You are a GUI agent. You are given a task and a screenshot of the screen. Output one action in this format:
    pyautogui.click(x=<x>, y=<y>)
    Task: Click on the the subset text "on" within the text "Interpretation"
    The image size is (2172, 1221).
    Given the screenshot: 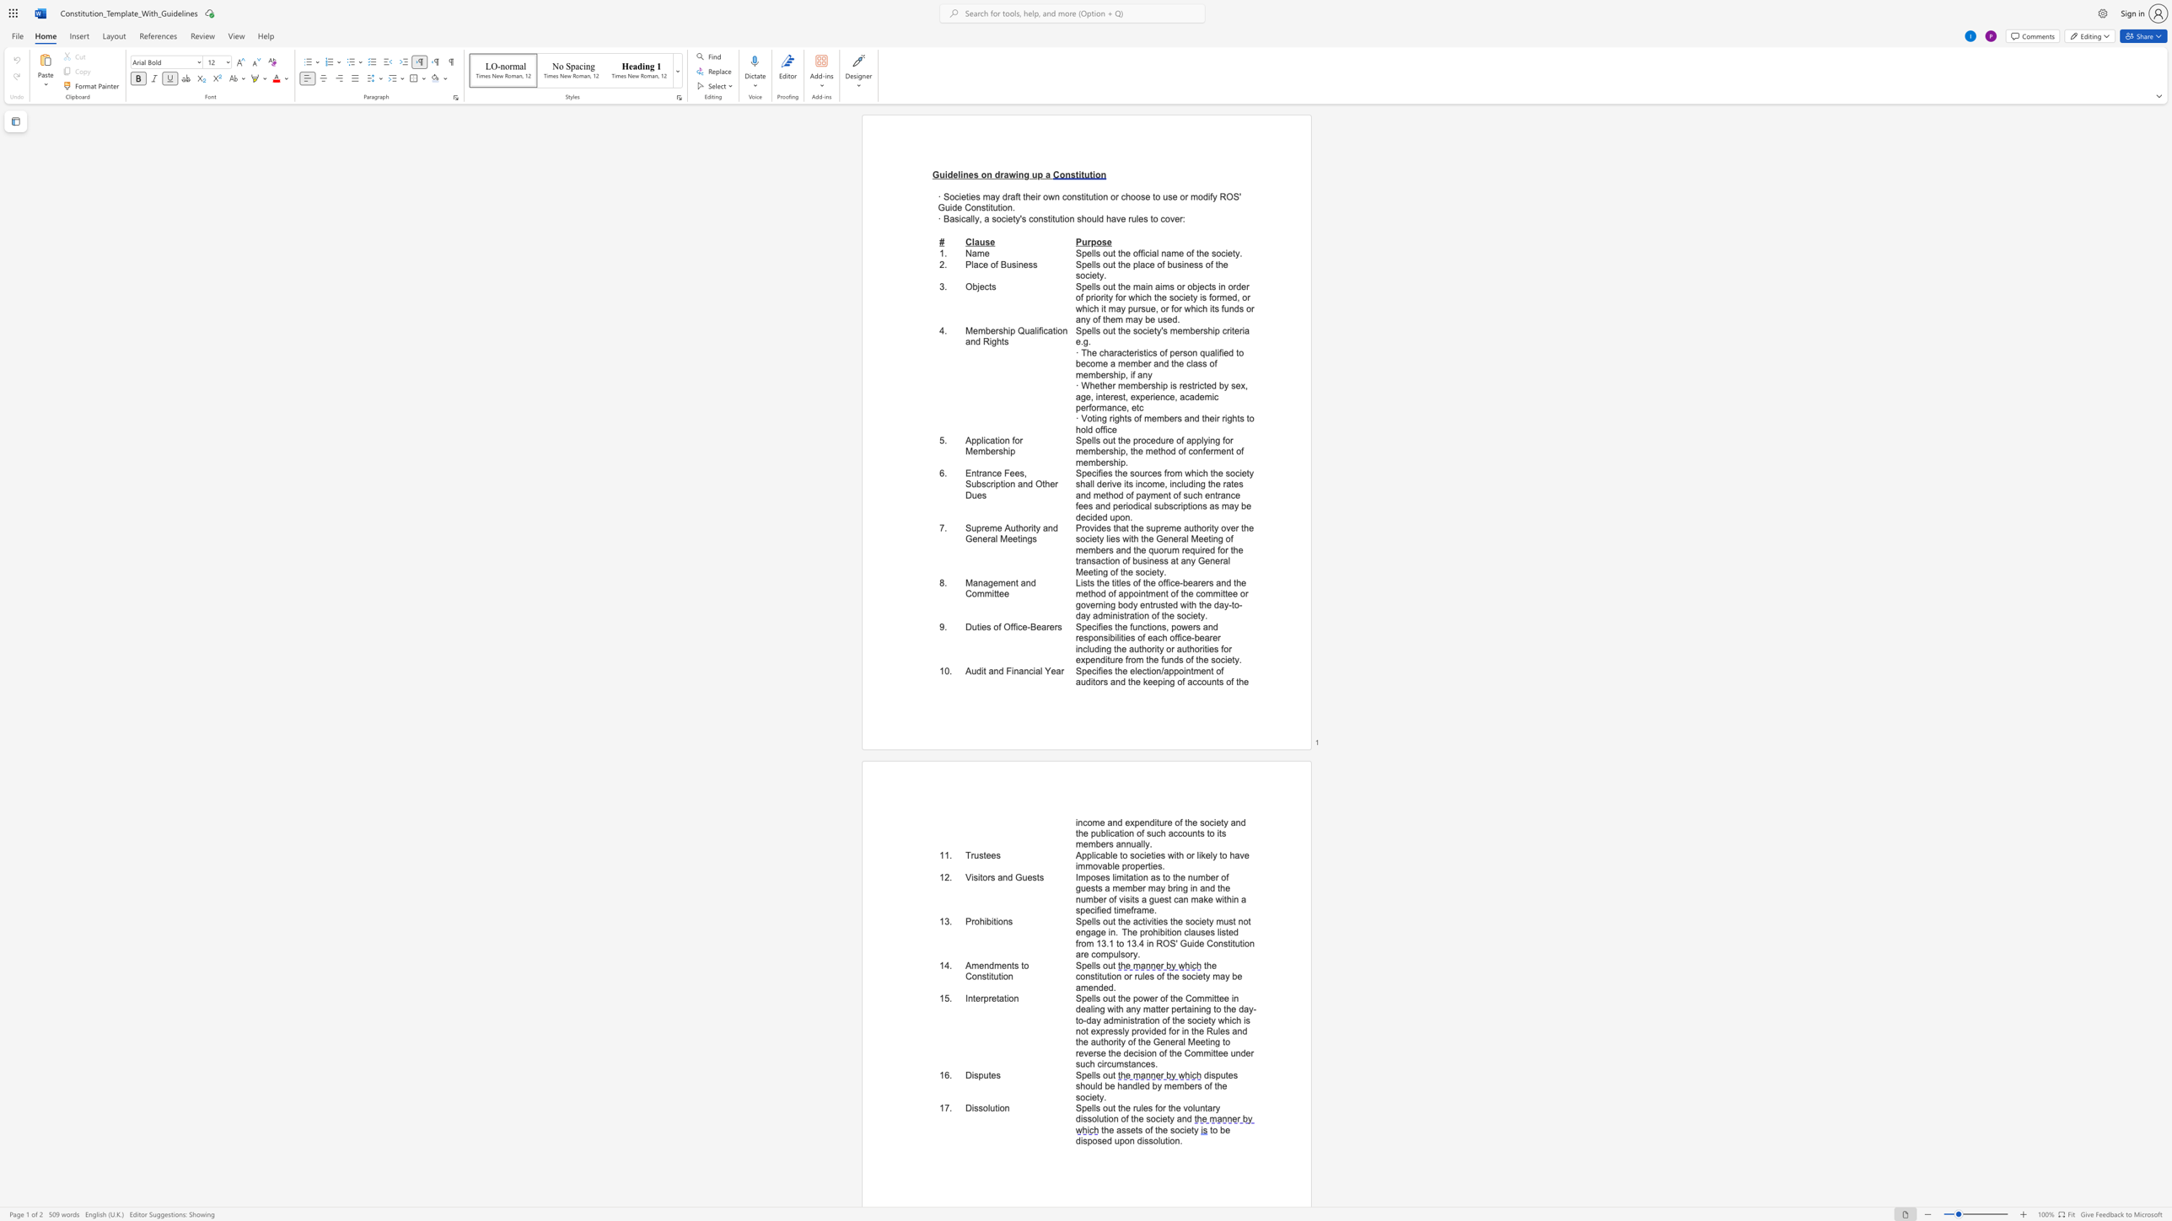 What is the action you would take?
    pyautogui.click(x=1008, y=997)
    